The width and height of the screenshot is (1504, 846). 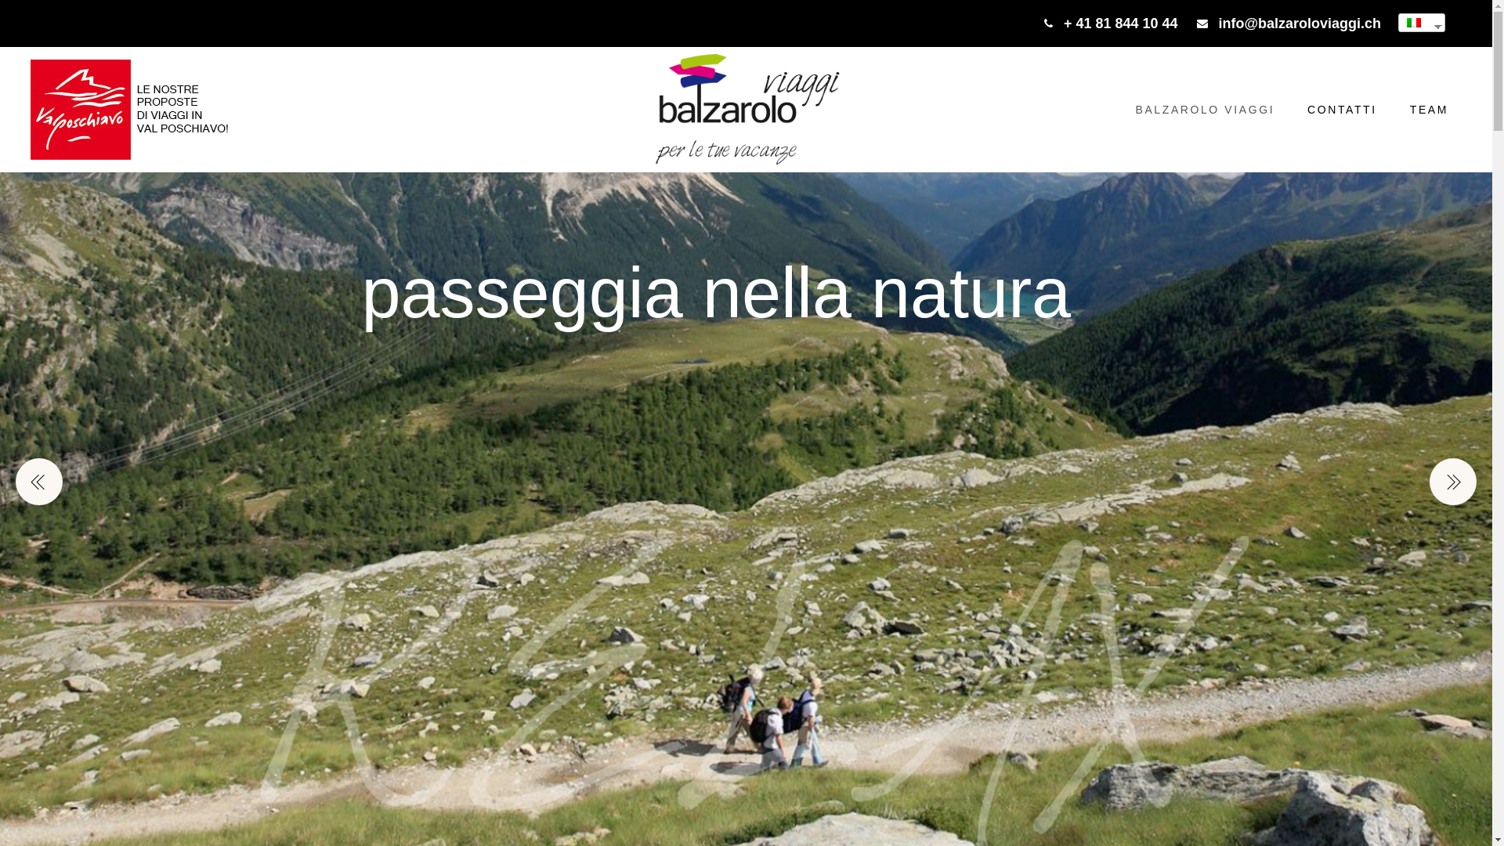 I want to click on 'Italiano', so click(x=1415, y=23).